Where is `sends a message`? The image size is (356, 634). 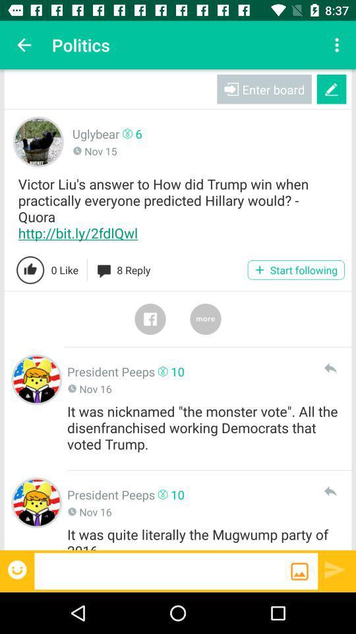 sends a message is located at coordinates (335, 569).